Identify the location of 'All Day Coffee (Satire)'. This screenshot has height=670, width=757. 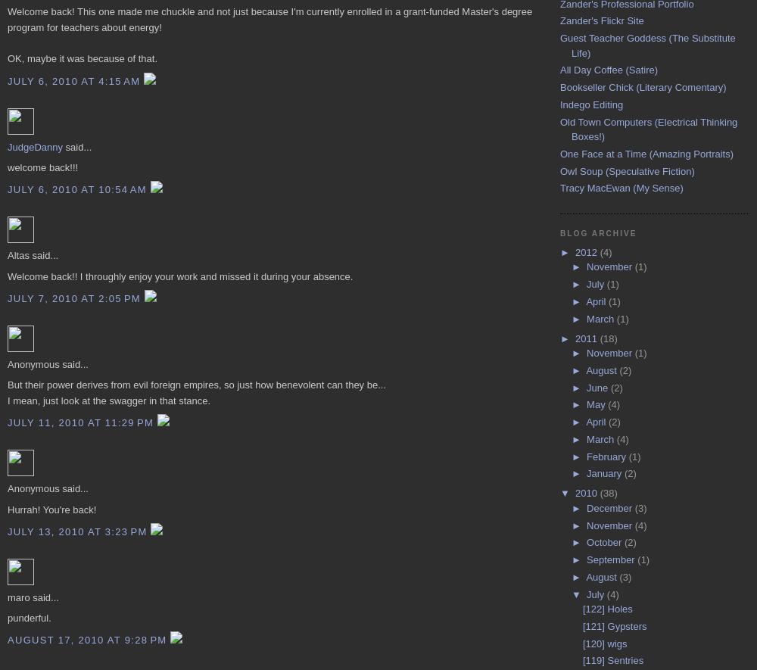
(609, 70).